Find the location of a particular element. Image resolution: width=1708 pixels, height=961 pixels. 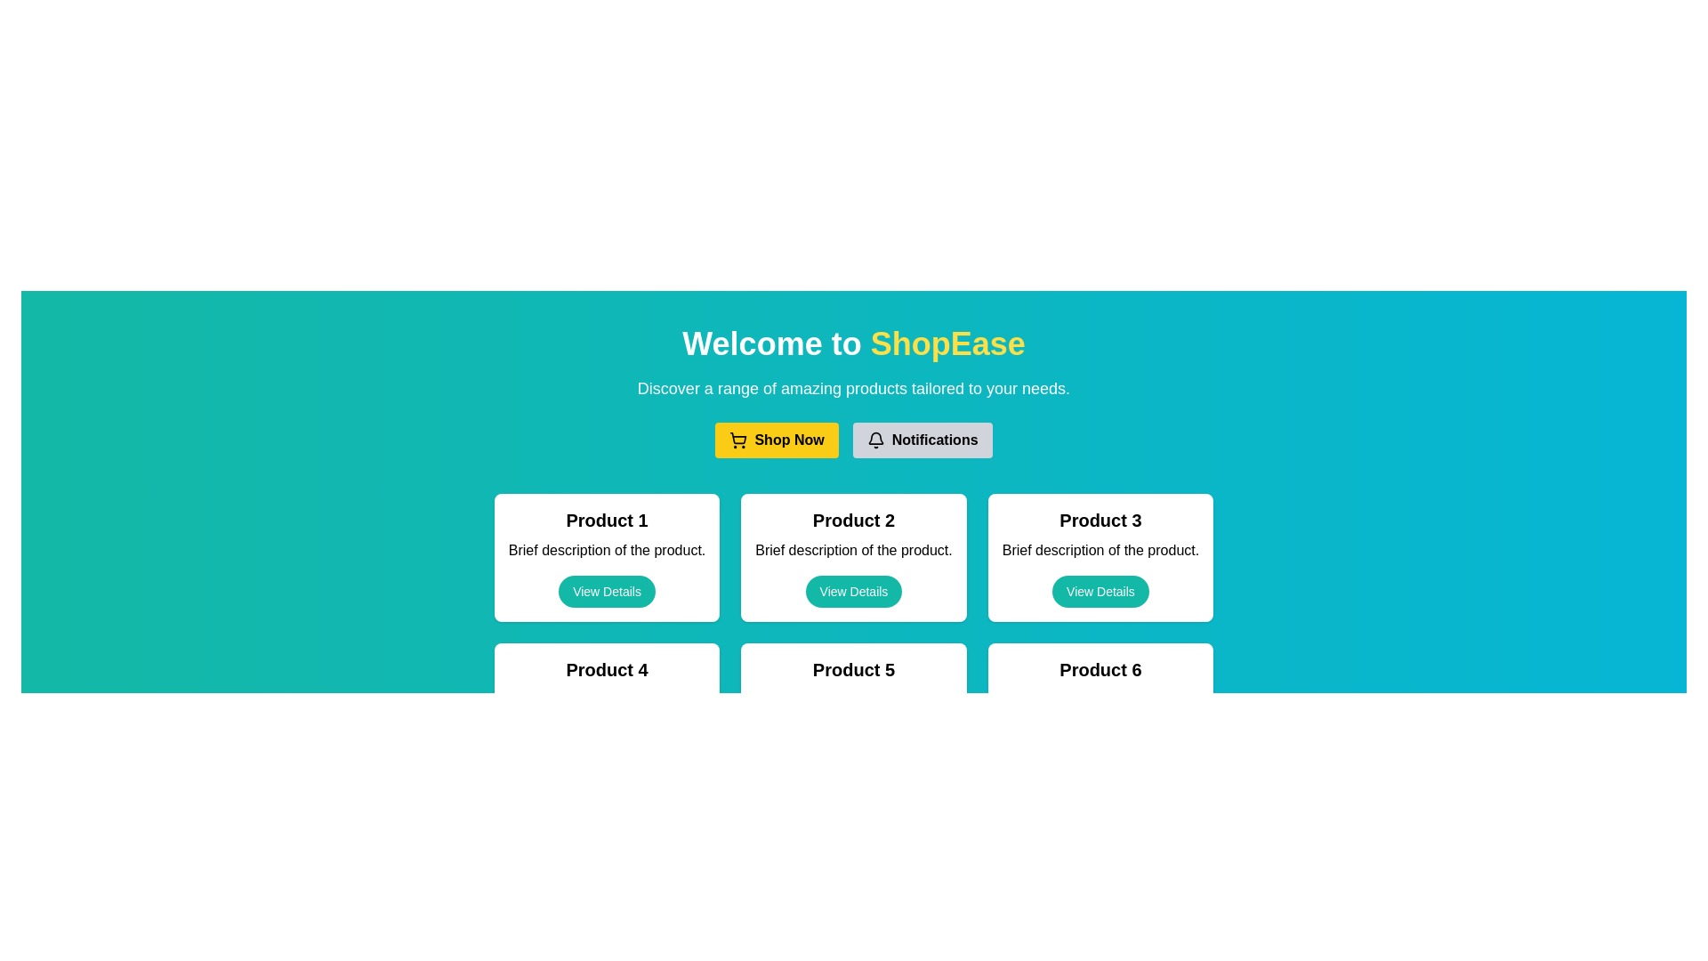

the button located at the bottom of the 'Product 2' card is located at coordinates (854, 591).